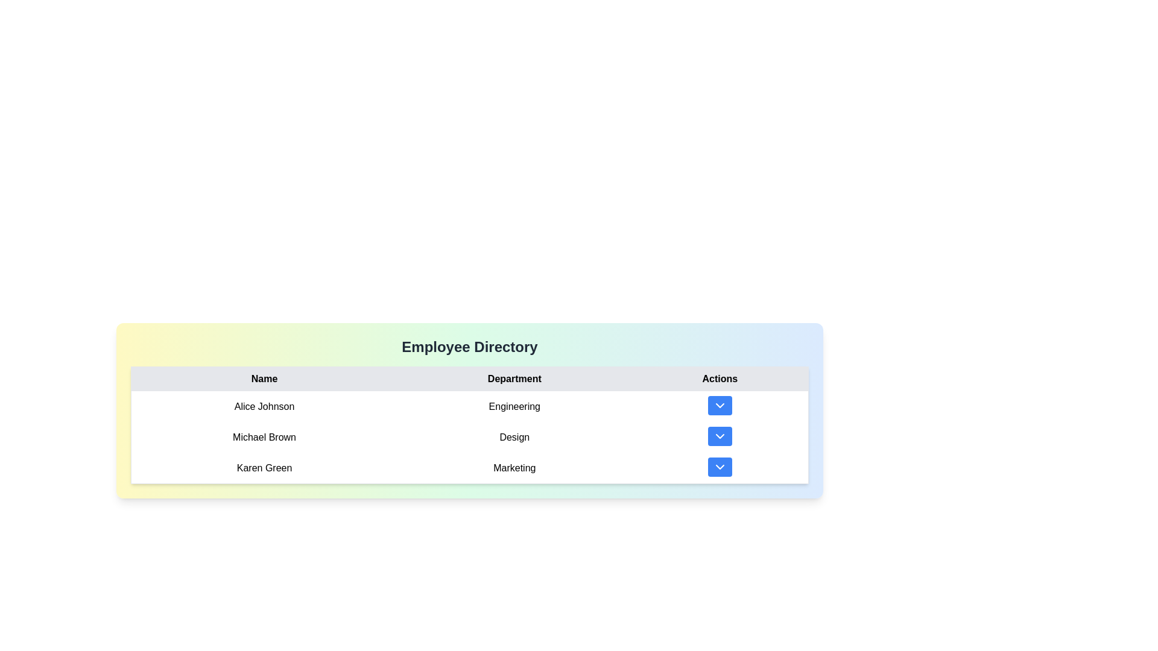 Image resolution: width=1158 pixels, height=651 pixels. Describe the element at coordinates (720, 467) in the screenshot. I see `the blue button with a downward-pointing chevron icon located in the 'Actions' column of the 'Marketing' row` at that location.